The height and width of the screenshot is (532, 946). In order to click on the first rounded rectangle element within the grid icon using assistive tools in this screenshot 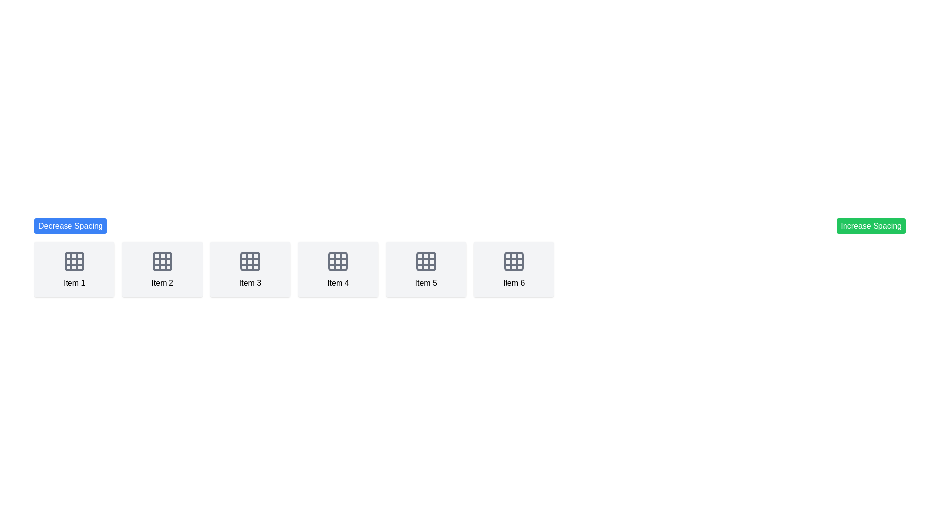, I will do `click(74, 261)`.